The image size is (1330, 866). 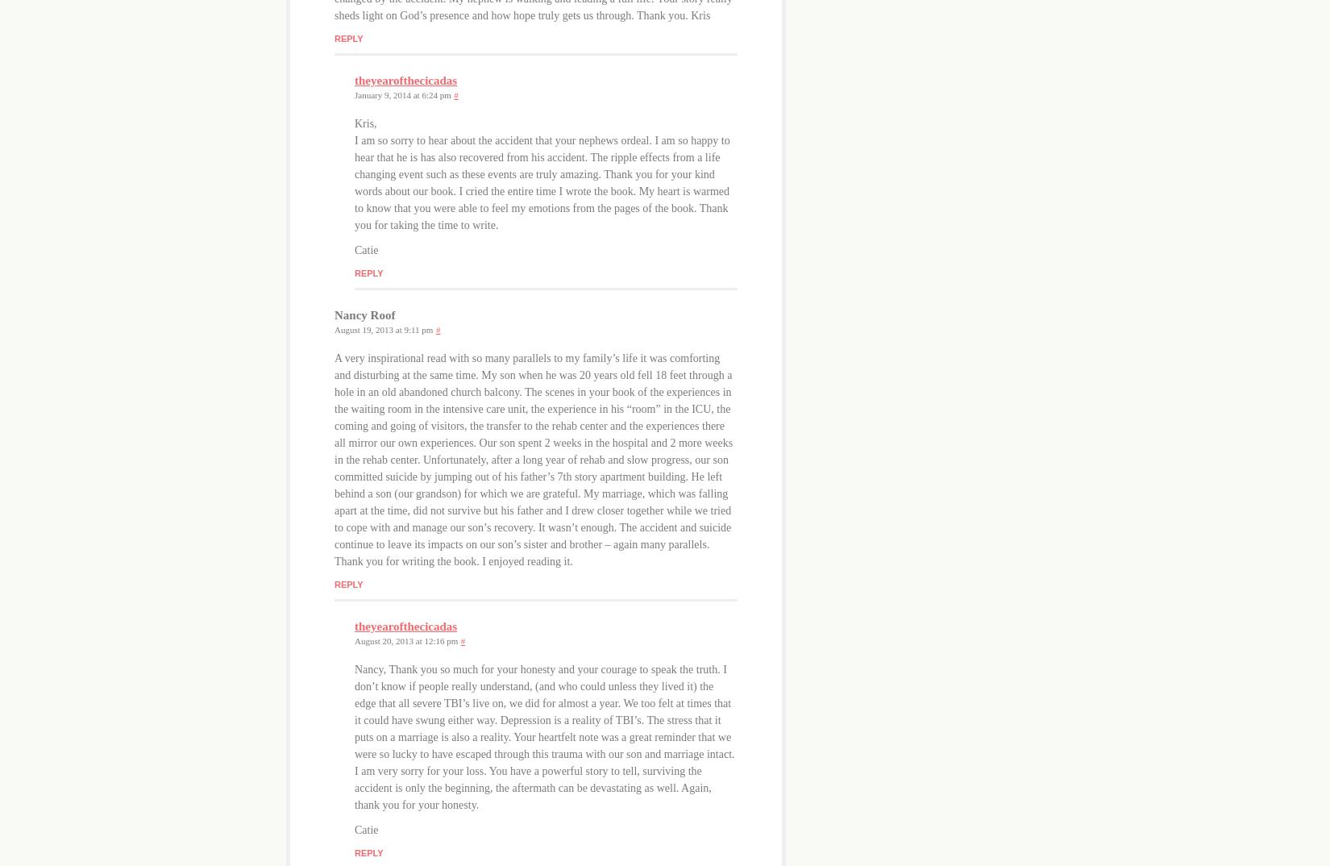 I want to click on 'Kris,', so click(x=364, y=122).